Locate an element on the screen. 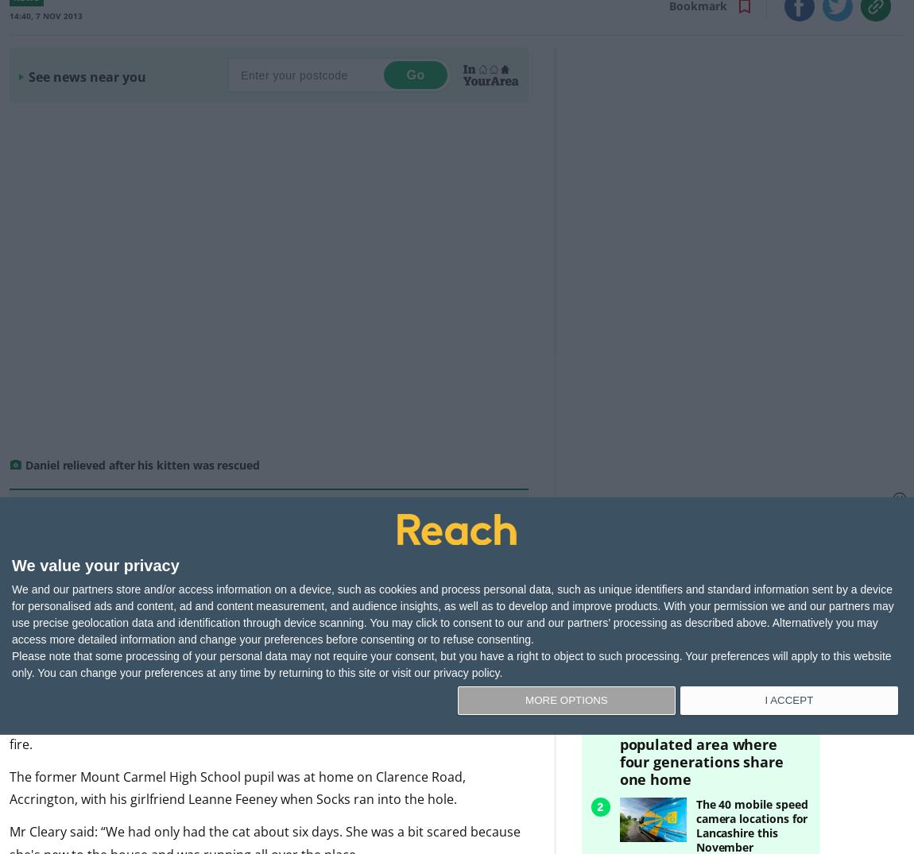  'More info' is located at coordinates (290, 582).